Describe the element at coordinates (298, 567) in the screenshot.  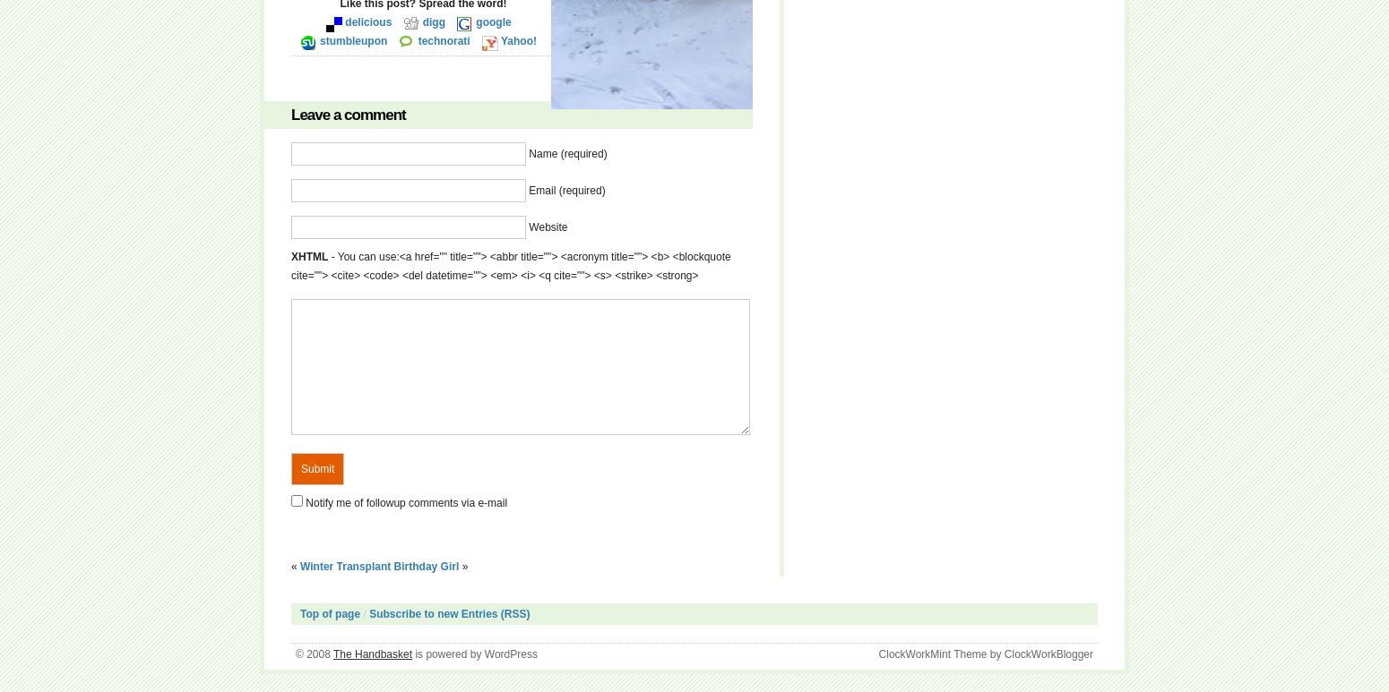
I see `'Winter Transplant'` at that location.